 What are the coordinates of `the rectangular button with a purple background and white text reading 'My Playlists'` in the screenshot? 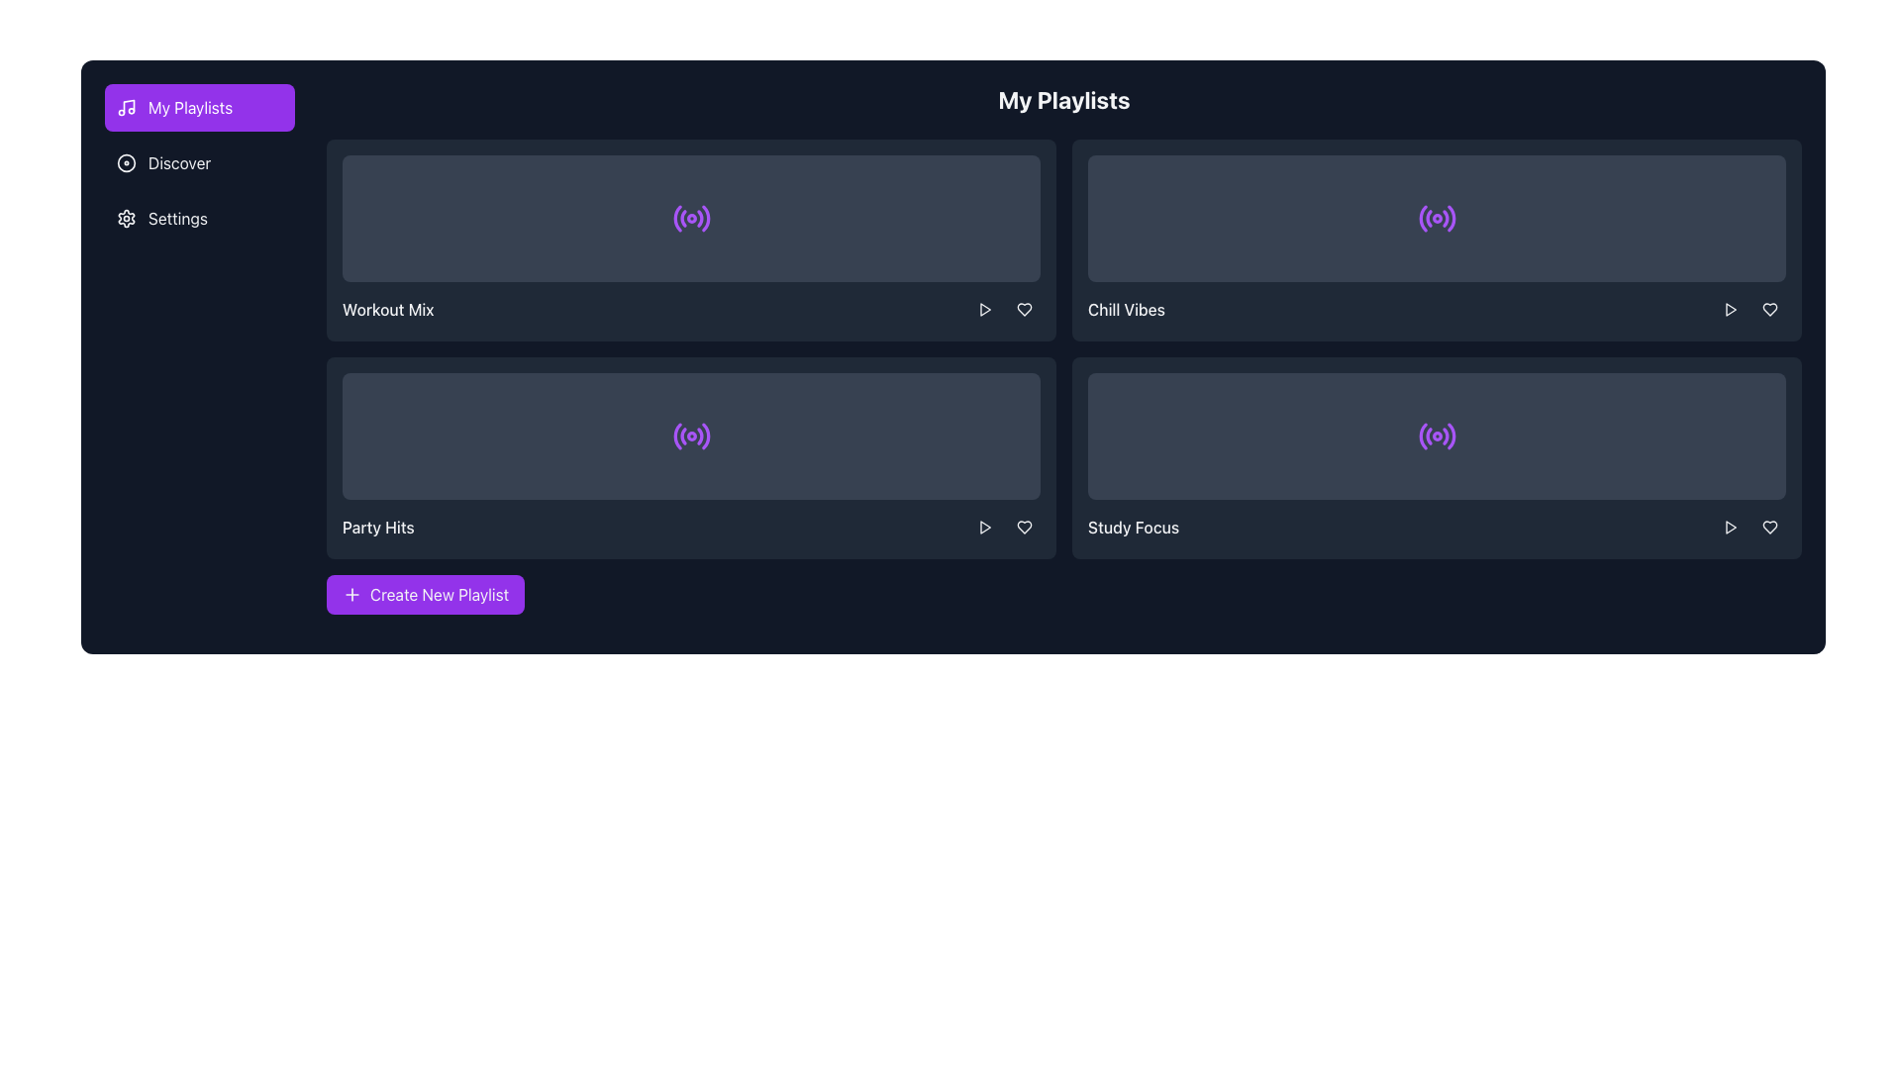 It's located at (199, 107).